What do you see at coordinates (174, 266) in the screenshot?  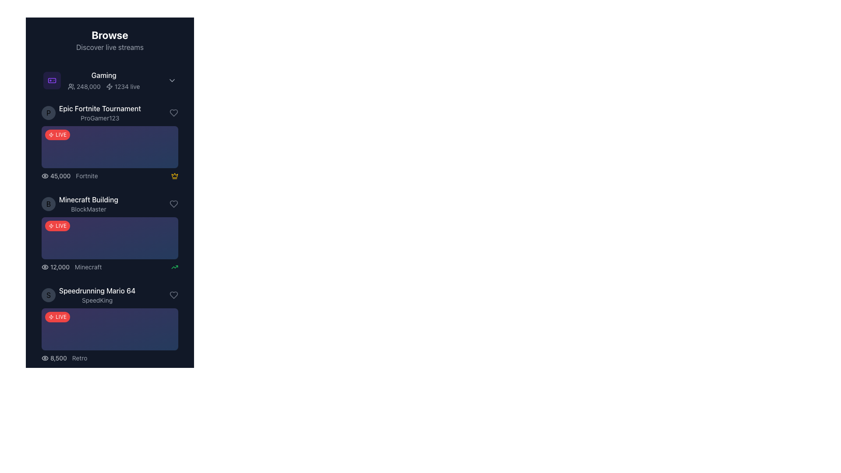 I see `the arrow indicator icon associated with the 'Minecraft Building' listing, located towards the right end of the listing, adjacent to textual details and icons indicating statistics or metadata` at bounding box center [174, 266].